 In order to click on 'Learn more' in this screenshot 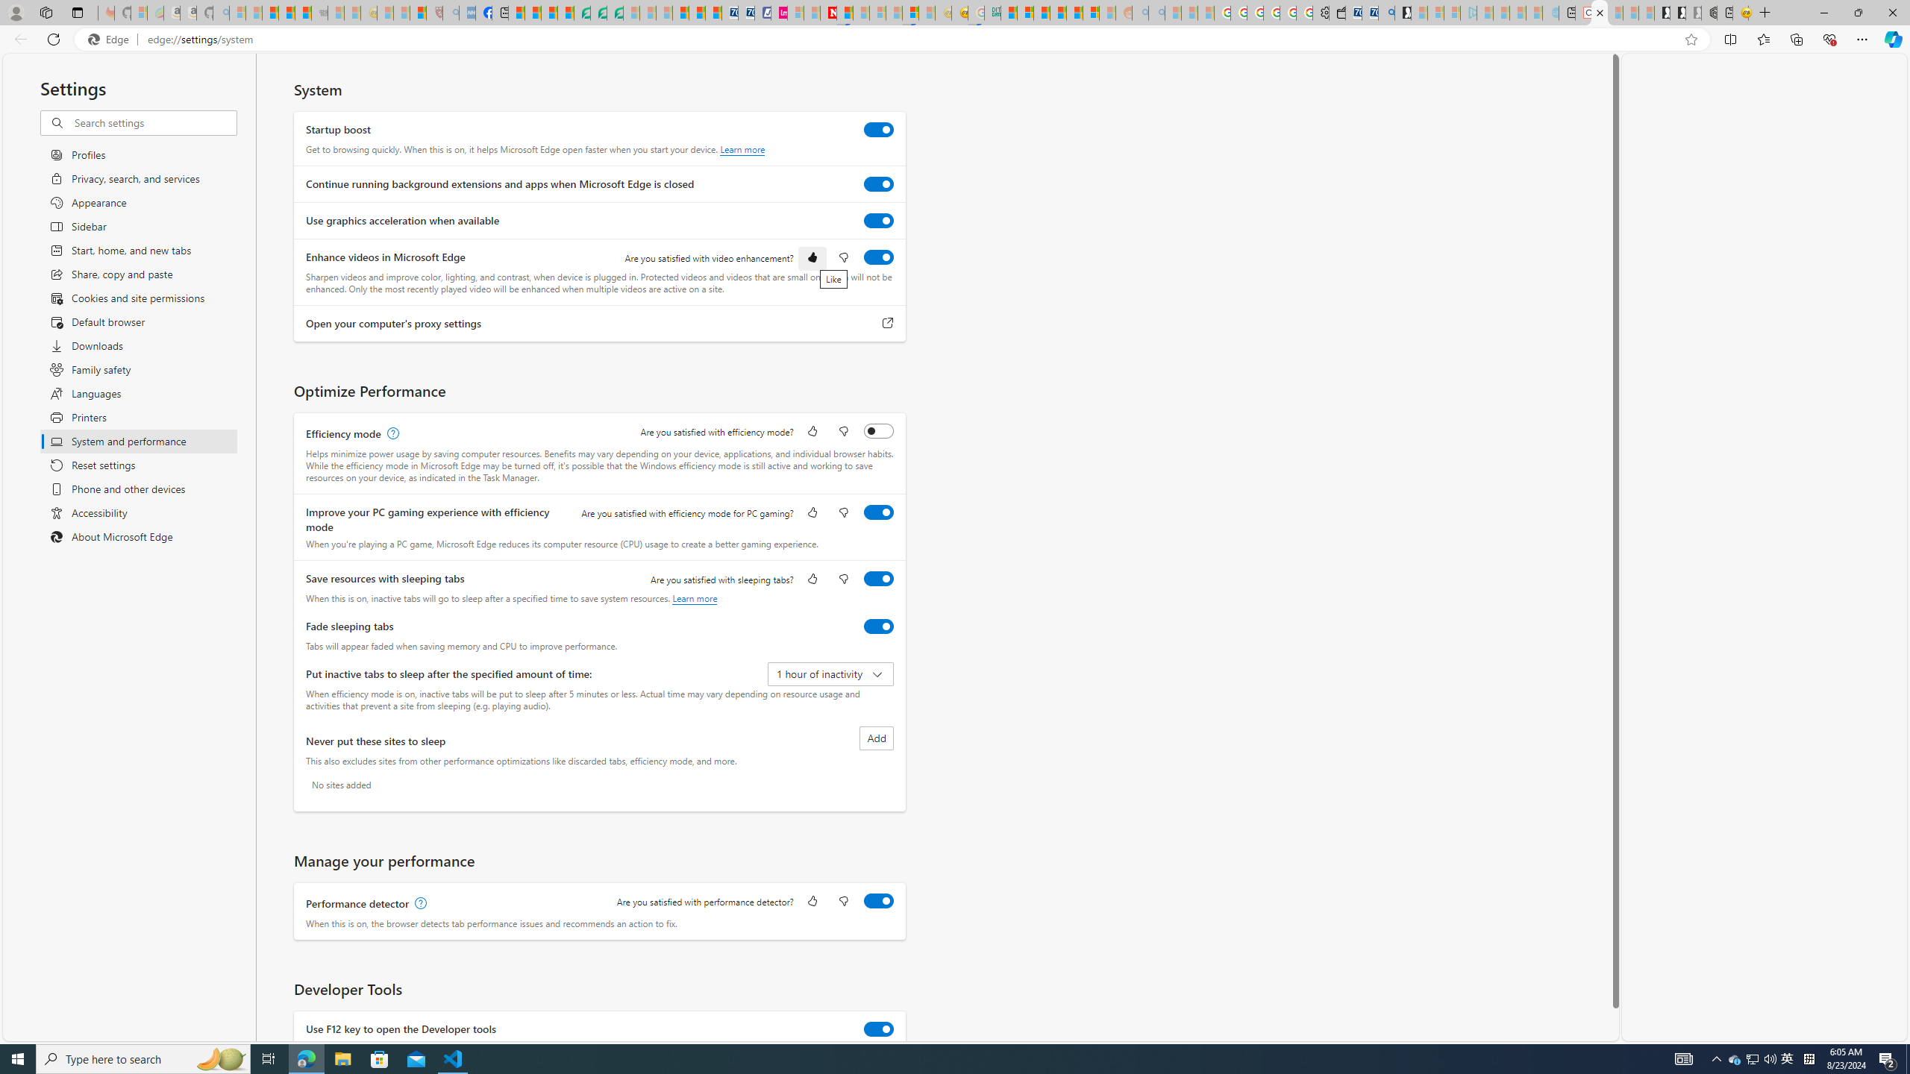, I will do `click(694, 597)`.